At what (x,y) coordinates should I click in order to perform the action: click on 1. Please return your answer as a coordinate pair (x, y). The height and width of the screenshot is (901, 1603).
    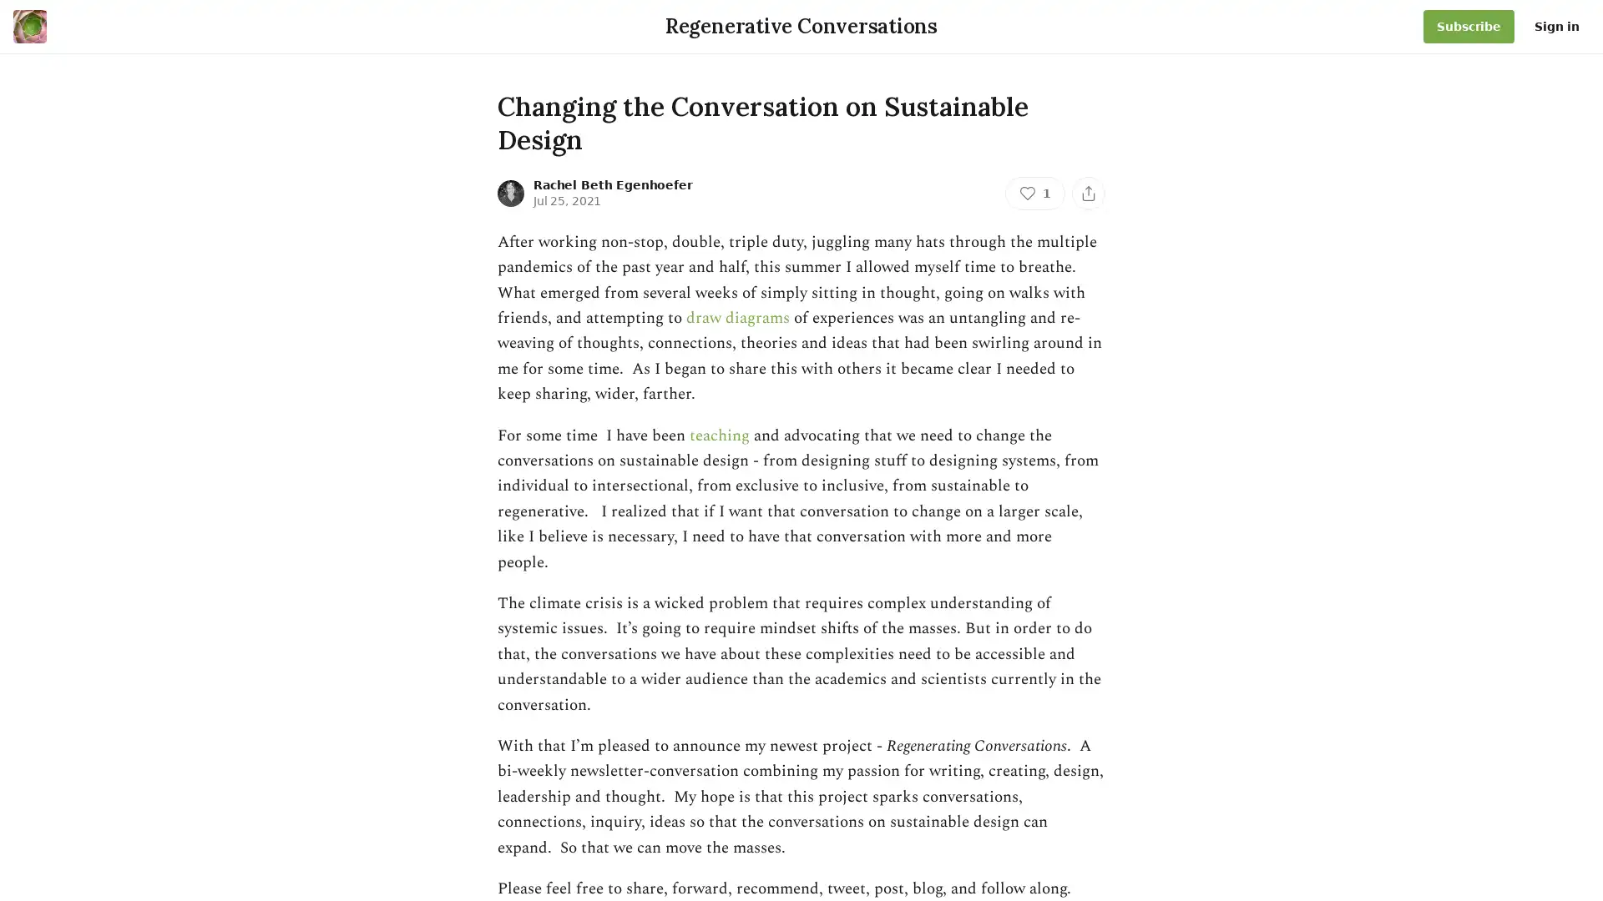
    Looking at the image, I should click on (1034, 192).